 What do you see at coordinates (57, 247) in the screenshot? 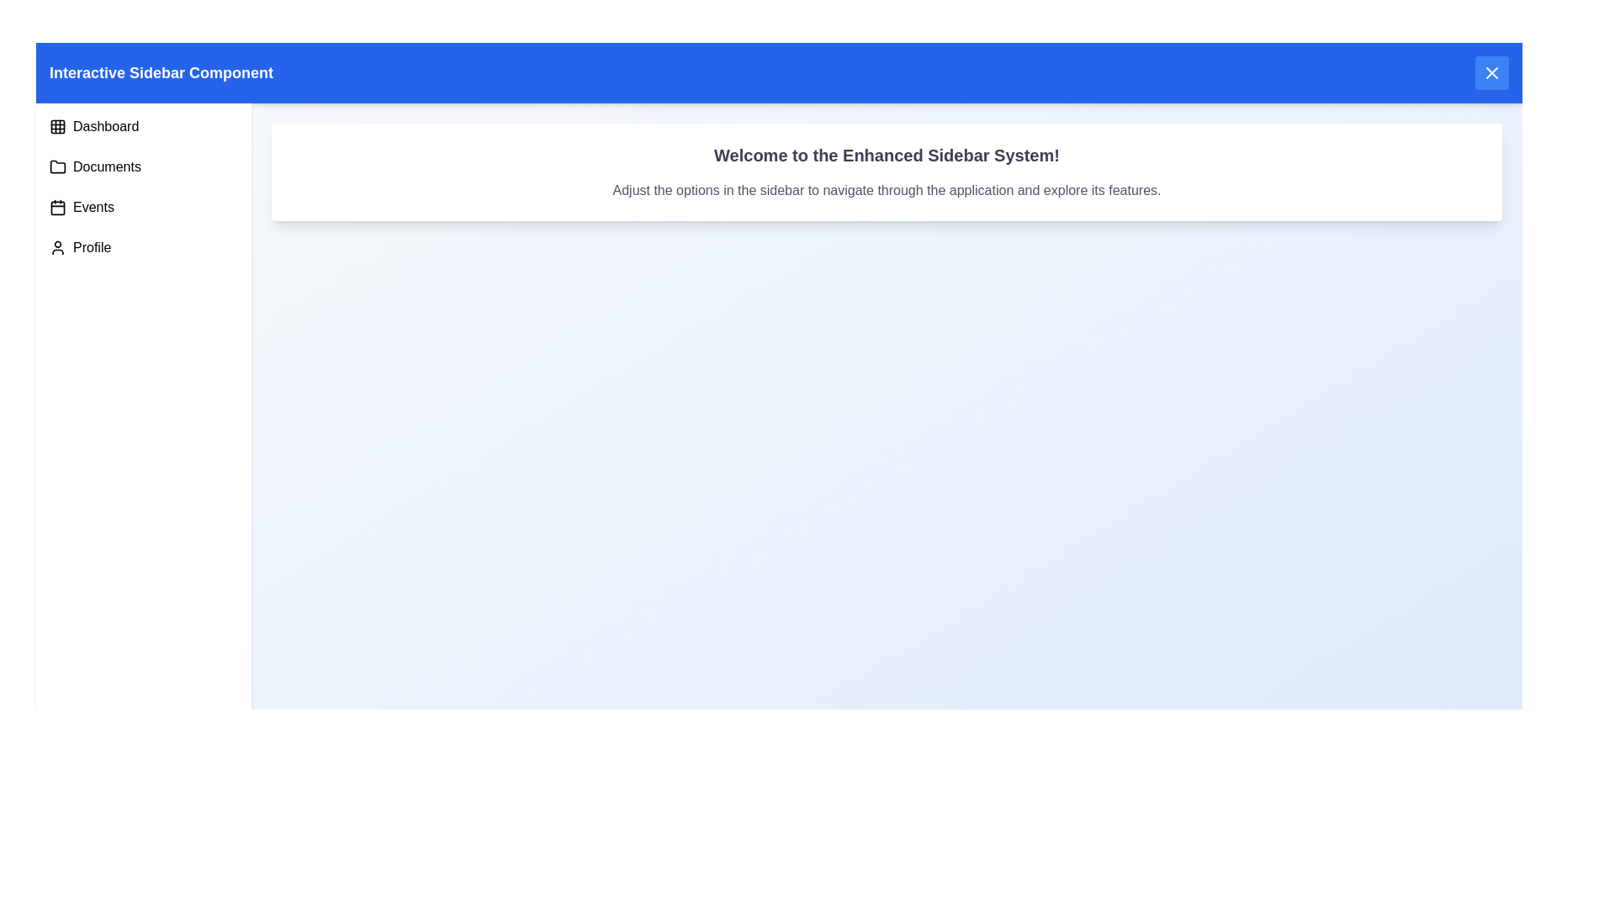
I see `the user profile icon, which is a minimalistic outline of a person, located in the sidebar under the heading 'Interactive Sidebar Component', aligned with the 'Profile' text label` at bounding box center [57, 247].